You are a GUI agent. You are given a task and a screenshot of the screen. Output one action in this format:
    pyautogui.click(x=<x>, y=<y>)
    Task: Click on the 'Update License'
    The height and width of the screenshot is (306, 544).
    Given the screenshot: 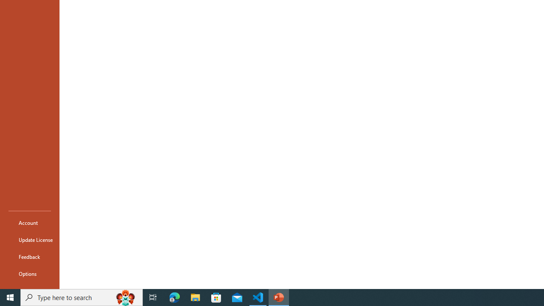 What is the action you would take?
    pyautogui.click(x=29, y=240)
    